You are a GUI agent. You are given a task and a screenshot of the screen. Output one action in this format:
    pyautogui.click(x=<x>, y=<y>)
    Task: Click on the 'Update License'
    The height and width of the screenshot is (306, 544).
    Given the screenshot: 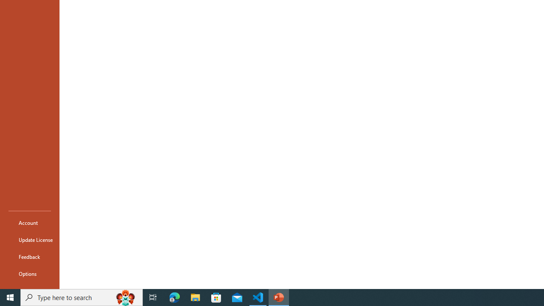 What is the action you would take?
    pyautogui.click(x=29, y=240)
    